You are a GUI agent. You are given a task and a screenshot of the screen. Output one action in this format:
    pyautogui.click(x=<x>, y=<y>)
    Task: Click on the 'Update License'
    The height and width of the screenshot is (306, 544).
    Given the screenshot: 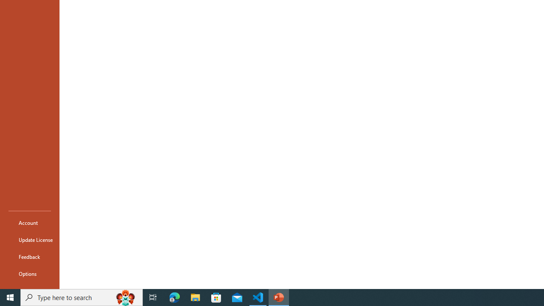 What is the action you would take?
    pyautogui.click(x=29, y=240)
    